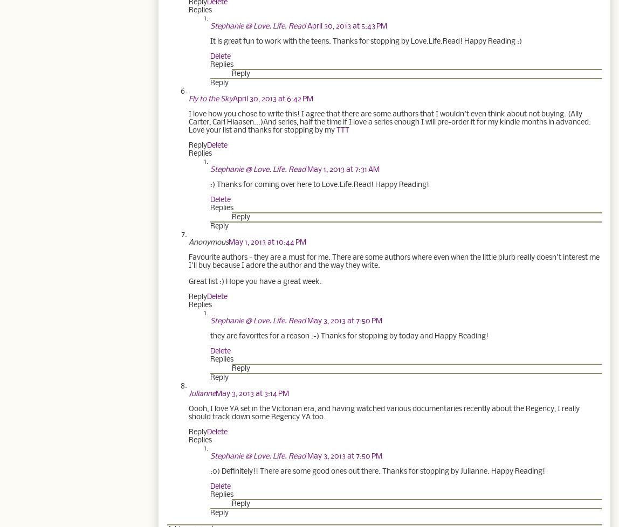  Describe the element at coordinates (394, 260) in the screenshot. I see `'Favourite authors - they are a must for me. There are some authors where even when the little blurb really doesn't interest me I'll buy because I adore the author and the way they write.'` at that location.